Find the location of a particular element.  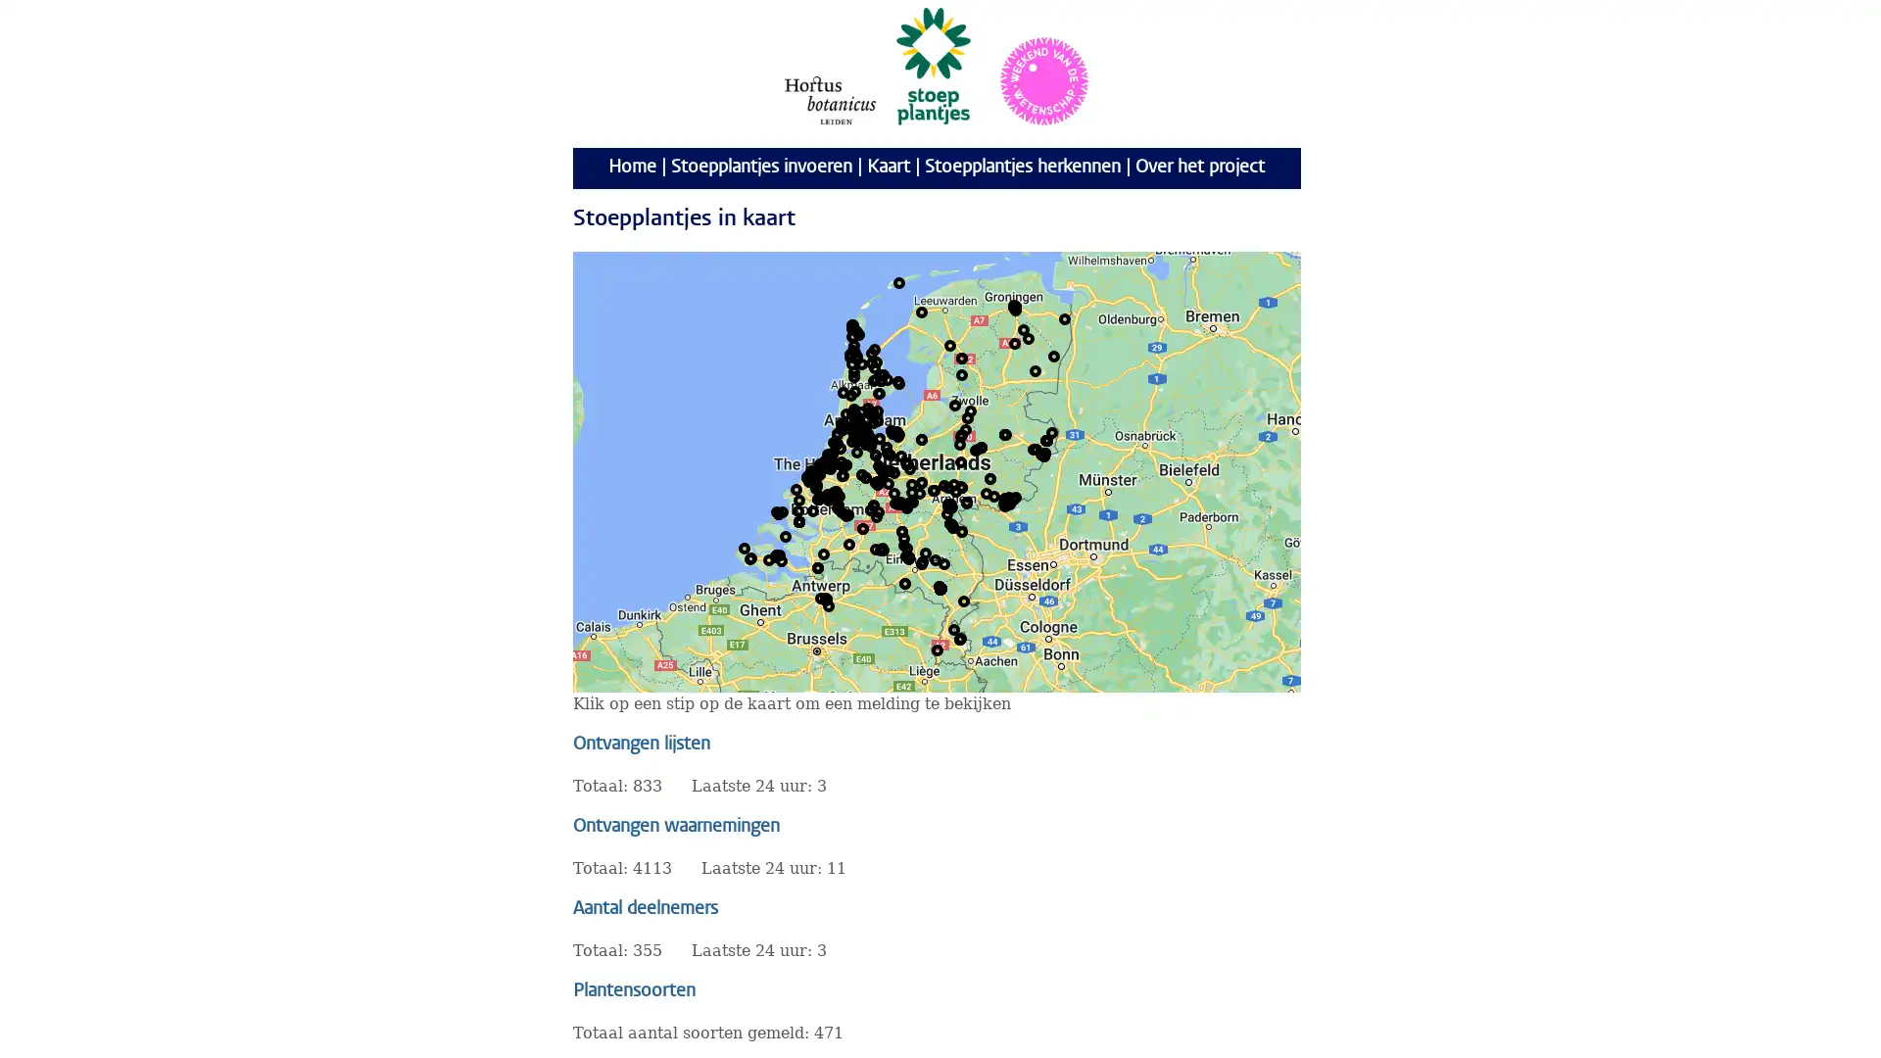

Telling van Club W op 12 maart 2022 is located at coordinates (828, 461).